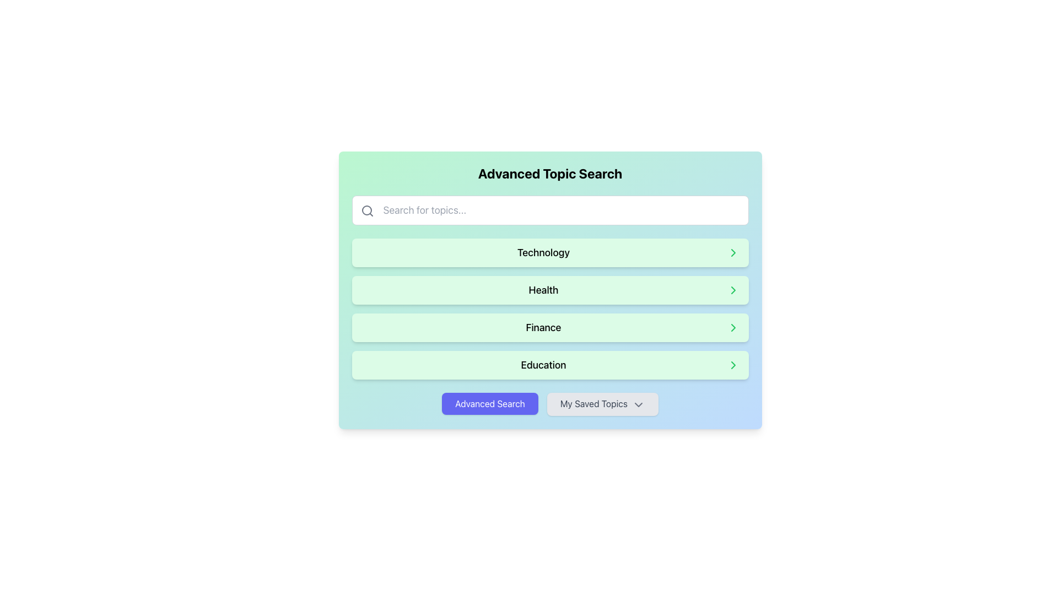 The height and width of the screenshot is (595, 1058). Describe the element at coordinates (733, 253) in the screenshot. I see `the icon located on the far-right side of the 'Technology' button` at that location.